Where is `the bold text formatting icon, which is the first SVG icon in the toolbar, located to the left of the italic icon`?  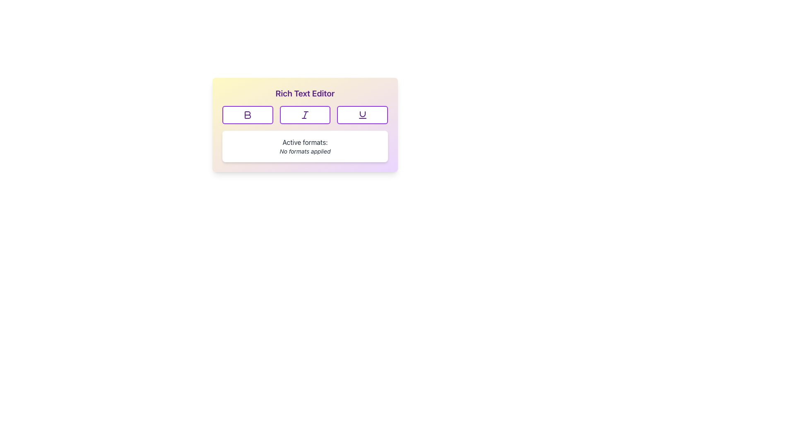
the bold text formatting icon, which is the first SVG icon in the toolbar, located to the left of the italic icon is located at coordinates (247, 115).